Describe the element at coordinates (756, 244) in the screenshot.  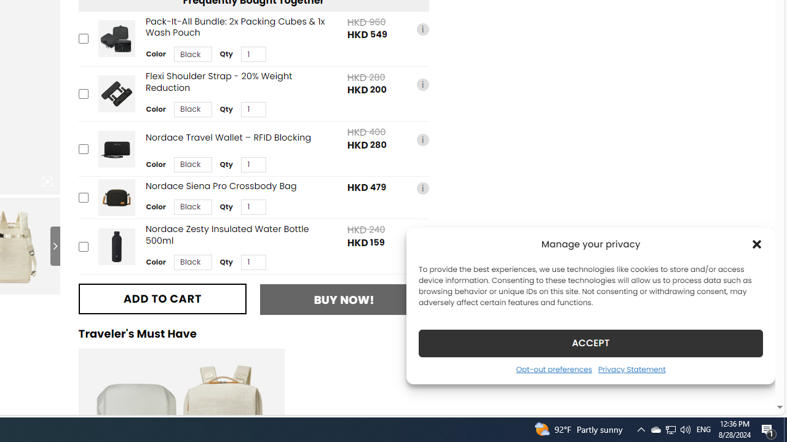
I see `'Class: cmplz-close'` at that location.